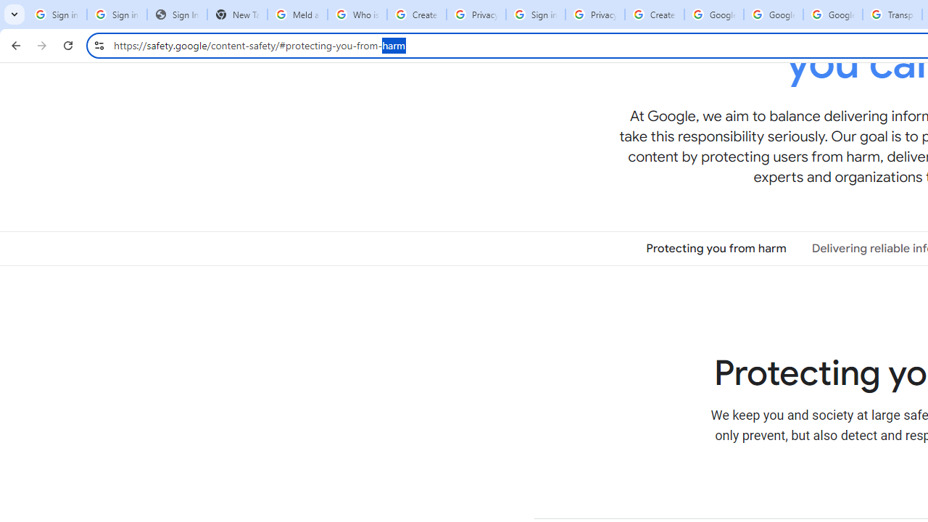 Image resolution: width=928 pixels, height=522 pixels. What do you see at coordinates (357, 14) in the screenshot?
I see `'Who is my administrator? - Google Account Help'` at bounding box center [357, 14].